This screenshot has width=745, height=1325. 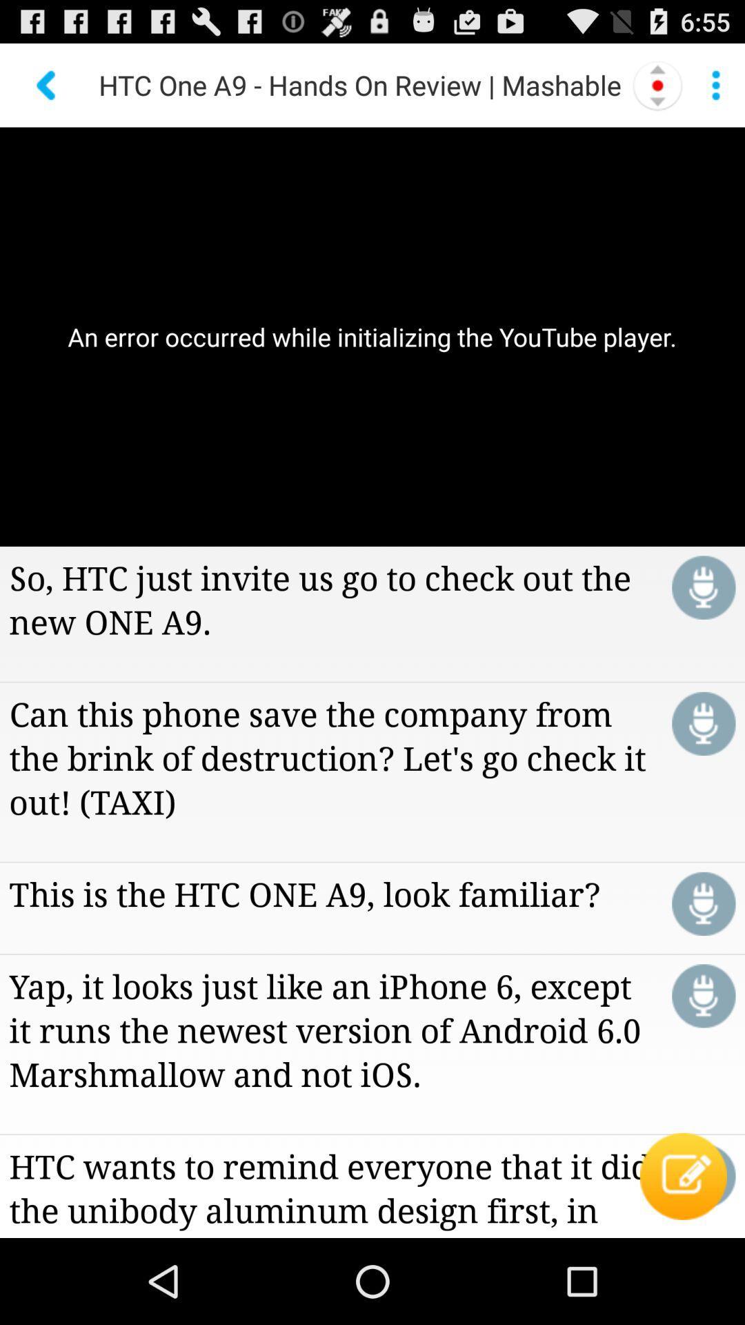 I want to click on can this phone, so click(x=331, y=756).